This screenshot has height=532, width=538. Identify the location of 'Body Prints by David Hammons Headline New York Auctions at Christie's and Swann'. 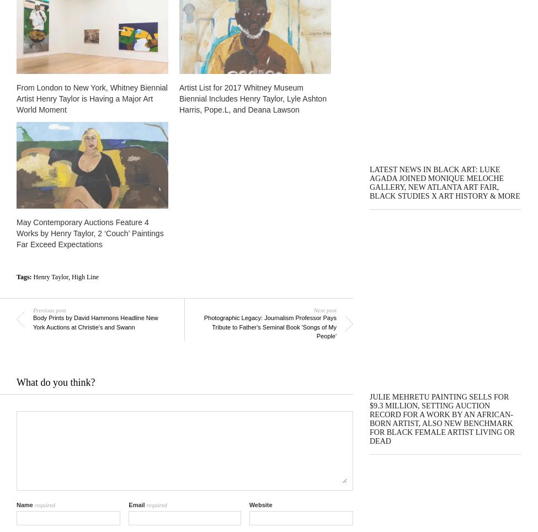
(94, 321).